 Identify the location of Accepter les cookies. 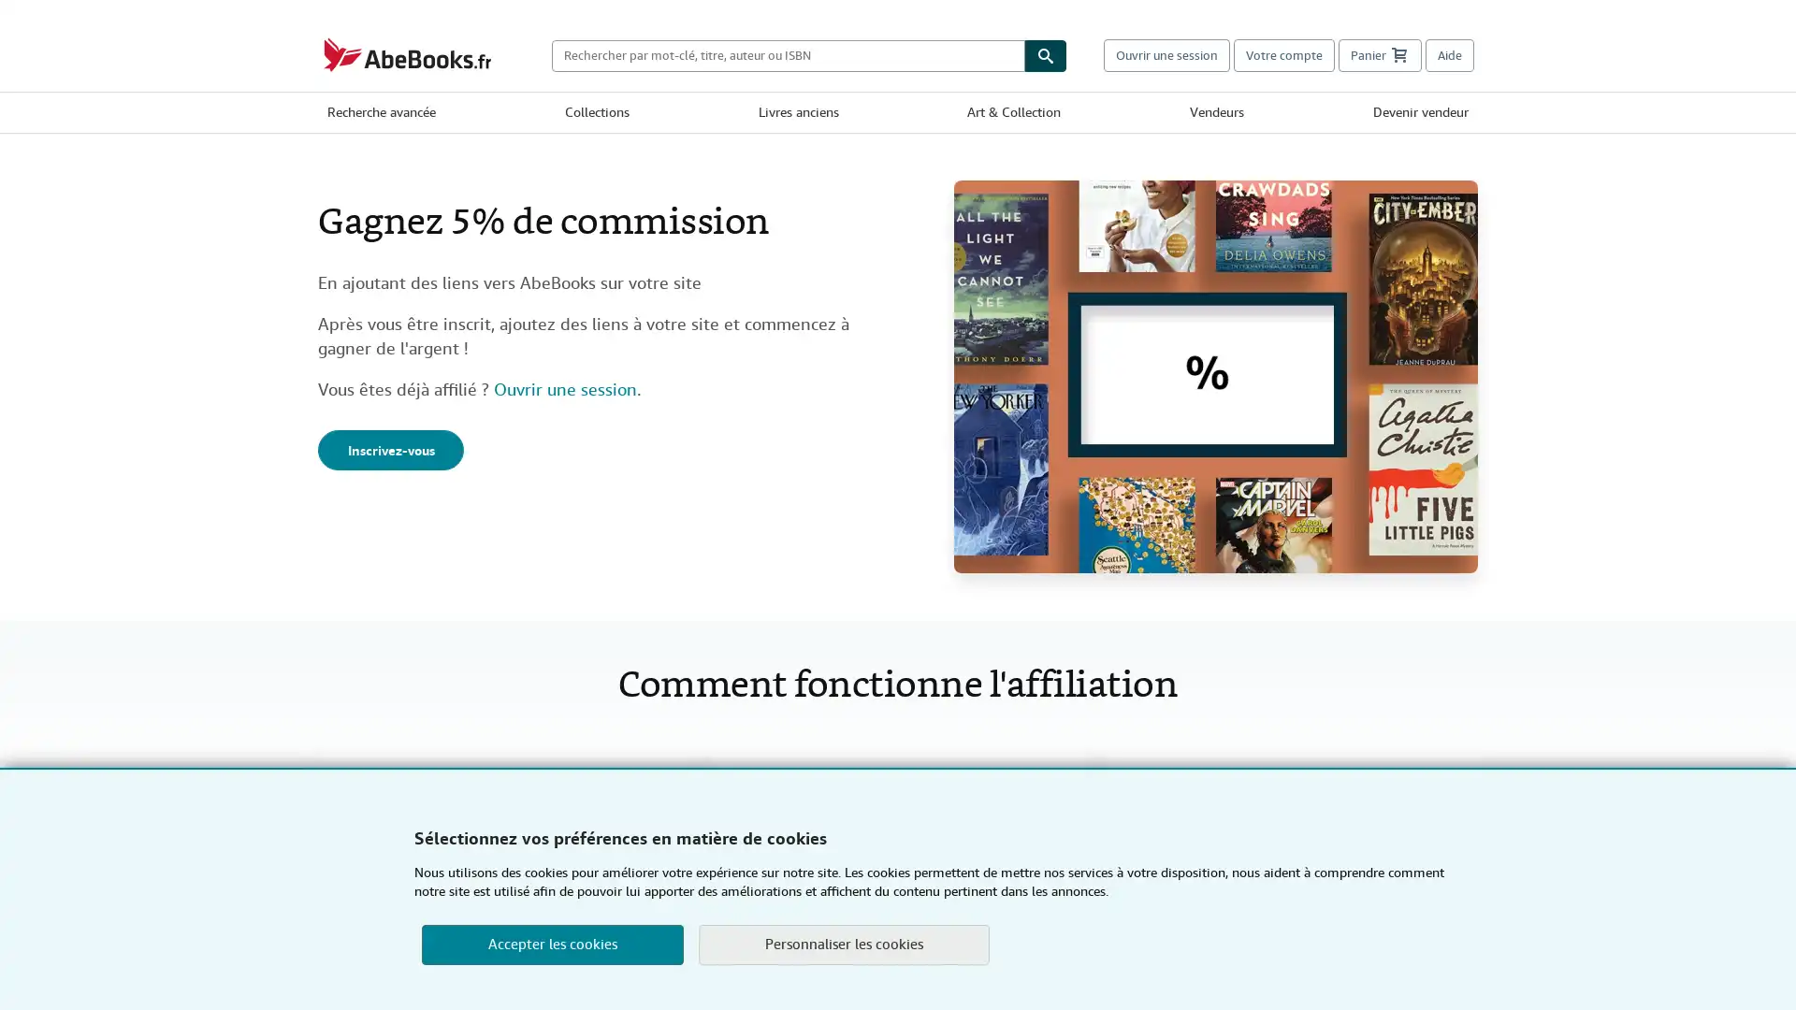
(551, 945).